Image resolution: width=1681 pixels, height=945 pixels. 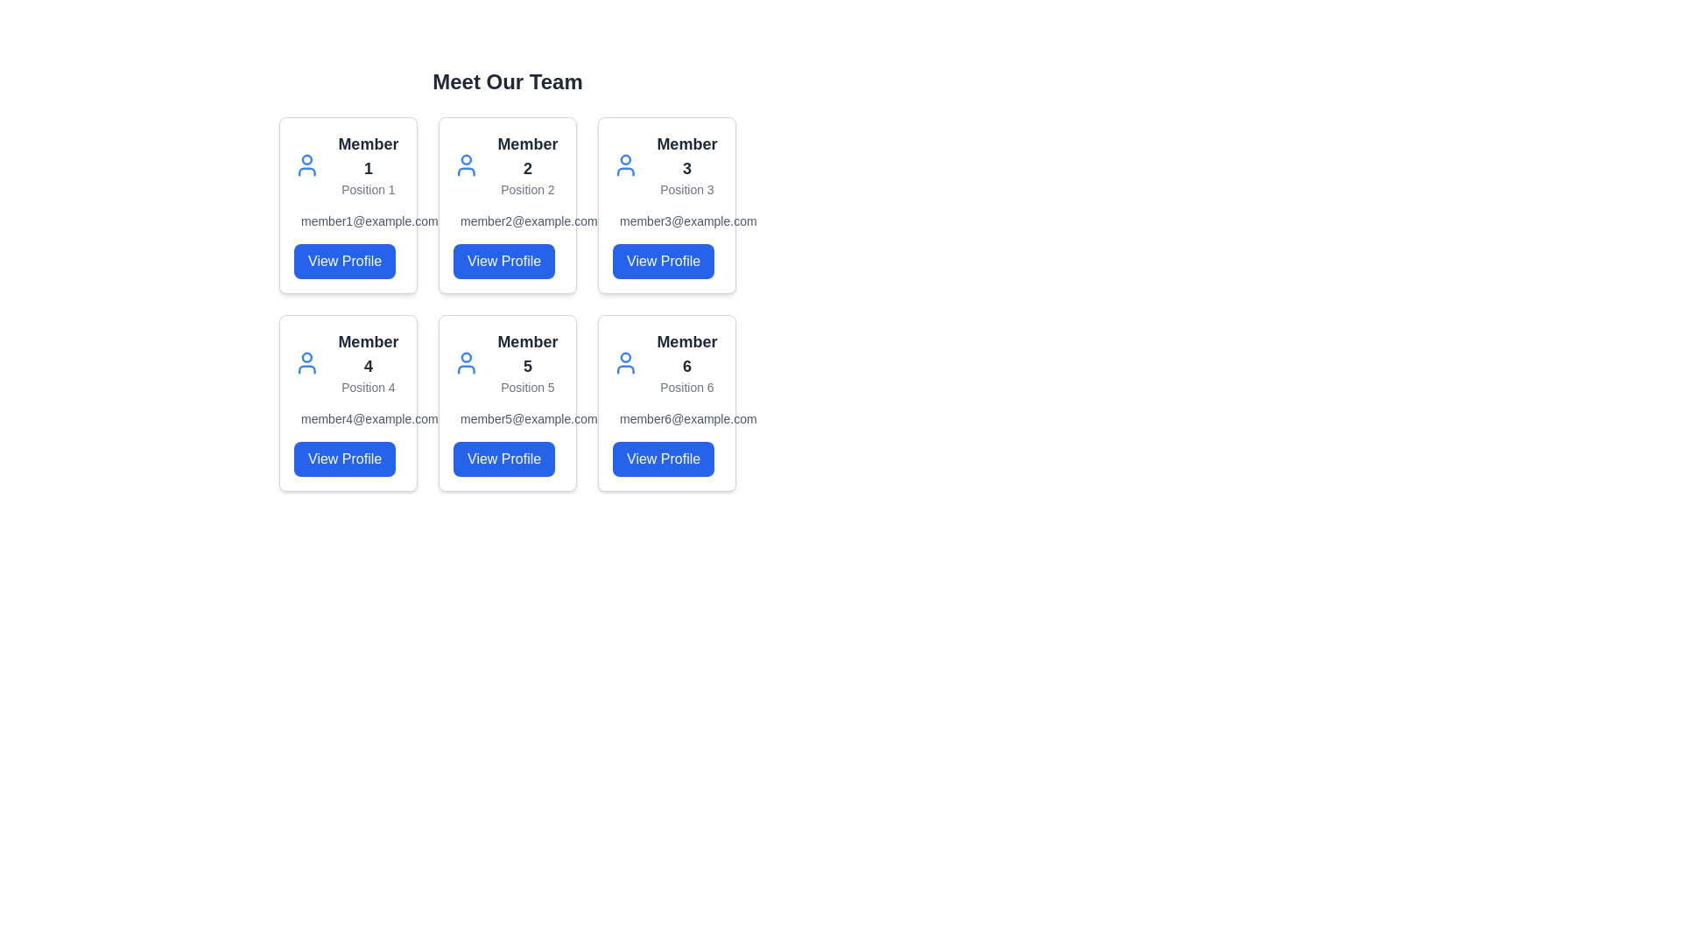 I want to click on the View Profile button on the second card in the top row of the team member card UI component, so click(x=507, y=279).